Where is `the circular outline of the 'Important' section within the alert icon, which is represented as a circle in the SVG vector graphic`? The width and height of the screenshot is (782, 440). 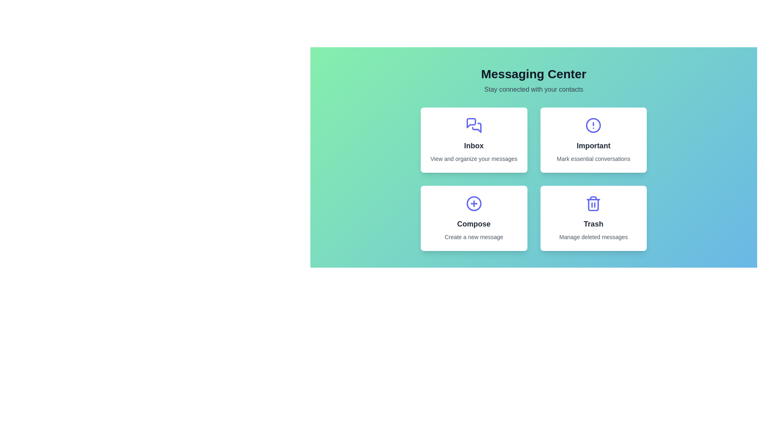
the circular outline of the 'Important' section within the alert icon, which is represented as a circle in the SVG vector graphic is located at coordinates (593, 125).